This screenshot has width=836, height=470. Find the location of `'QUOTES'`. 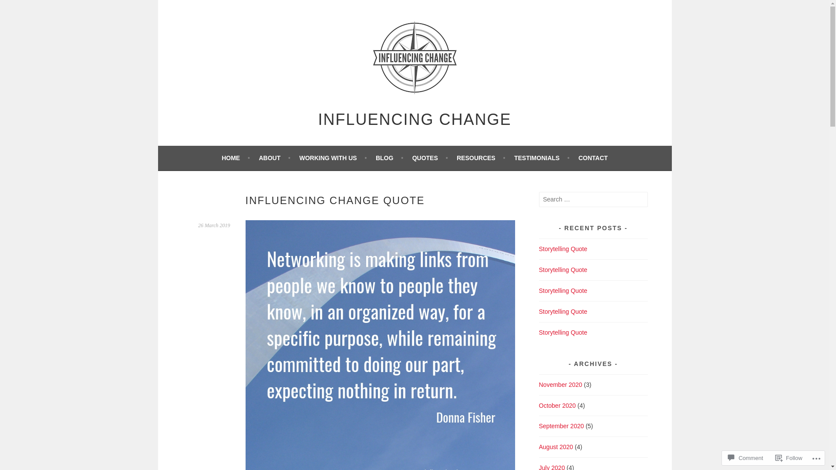

'QUOTES' is located at coordinates (430, 158).